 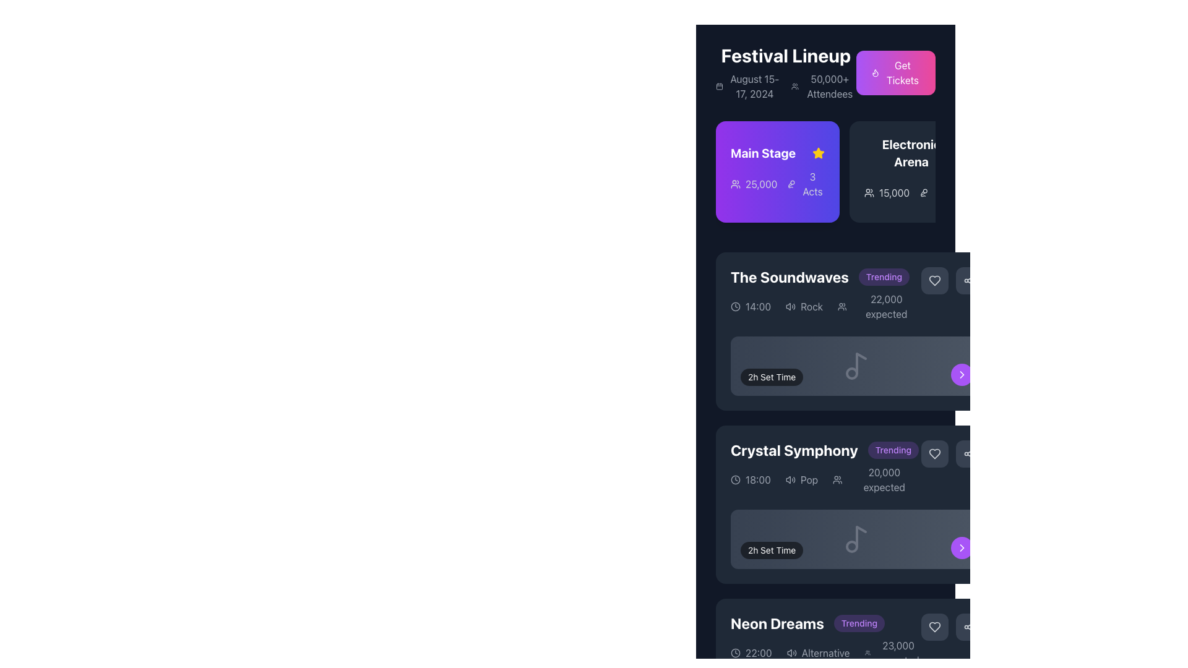 What do you see at coordinates (885, 306) in the screenshot?
I see `the text label displaying '22,000' and 'expected' located in the upper-right section of 'The Soundwaves' card, which is visually distinguishable against a dark background` at bounding box center [885, 306].